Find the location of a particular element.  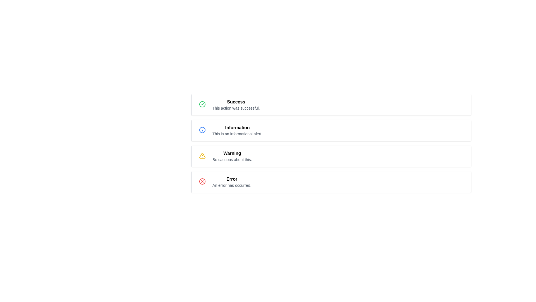

the 'Error' icon located at the far-right side of the row associated with the 'An error has occurred.' message is located at coordinates (202, 181).